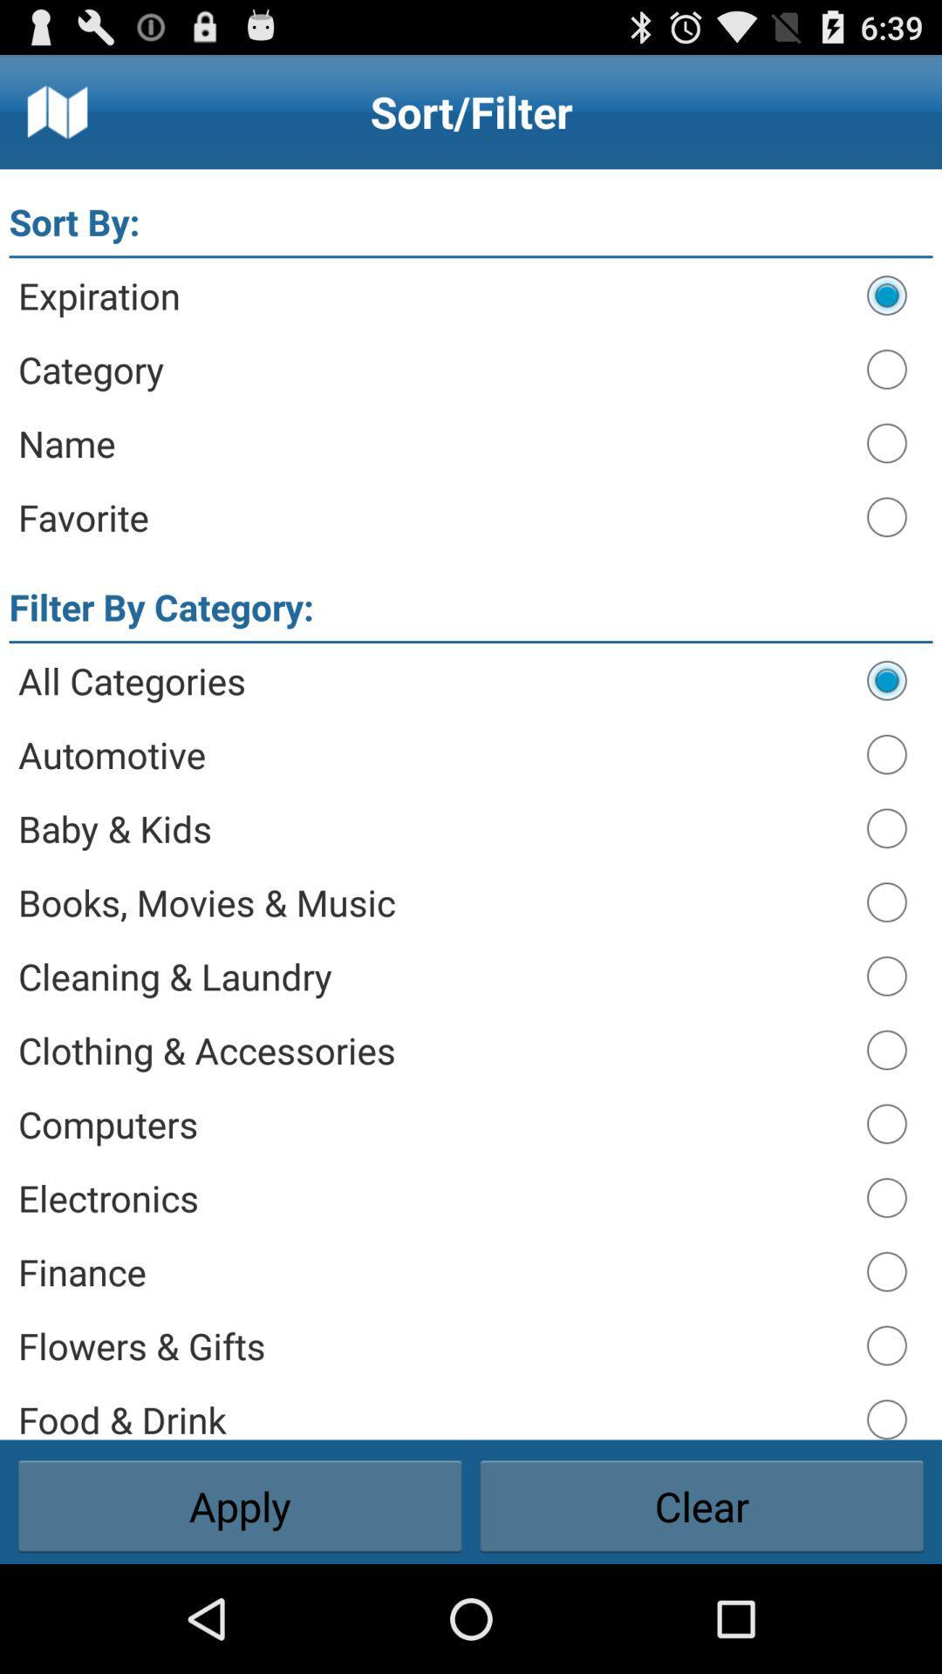  What do you see at coordinates (433, 1344) in the screenshot?
I see `flowers & gifts app` at bounding box center [433, 1344].